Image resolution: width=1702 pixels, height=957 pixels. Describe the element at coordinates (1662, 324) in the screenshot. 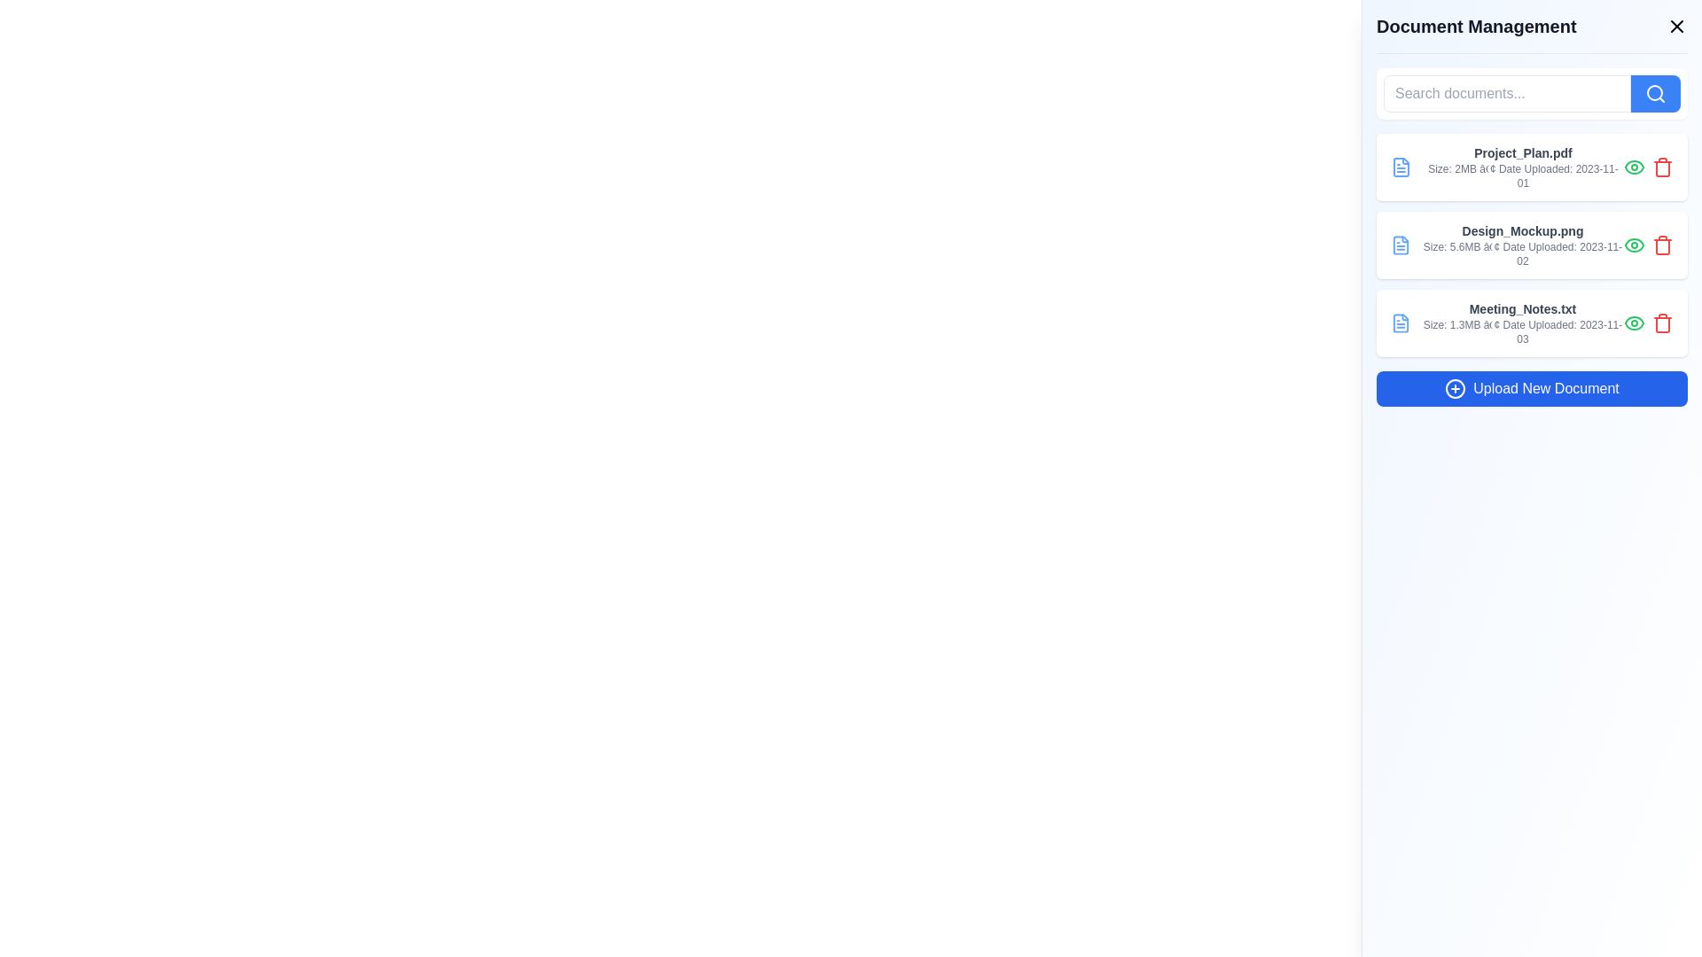

I see `the Trash Bin icon located to the right of the 'Meeting_Notes.txt' file entry in the Document Management section to initiate a delete action` at that location.